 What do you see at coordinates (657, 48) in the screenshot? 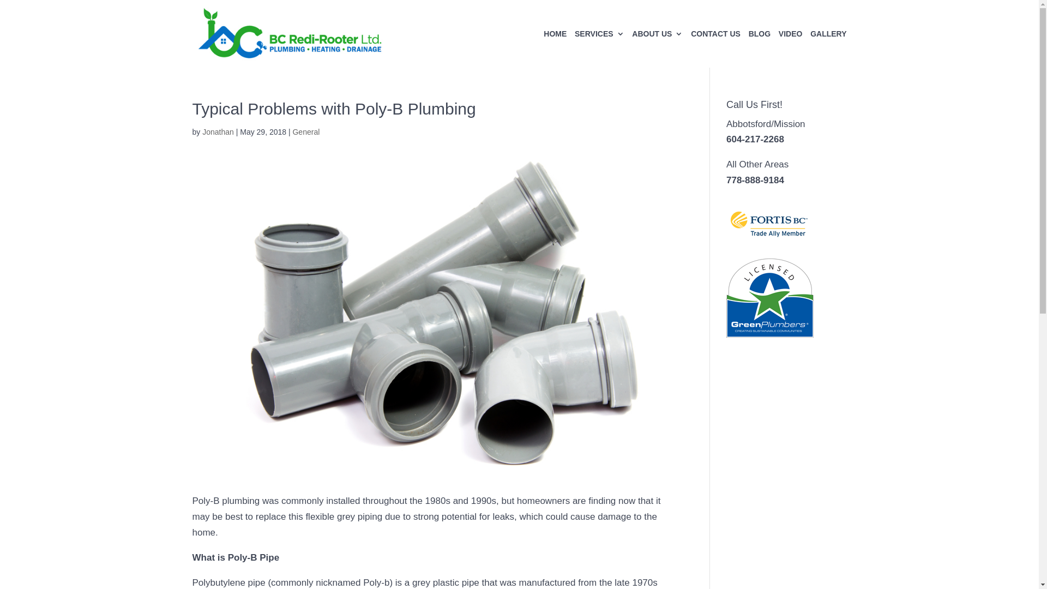
I see `'ABOUT US'` at bounding box center [657, 48].